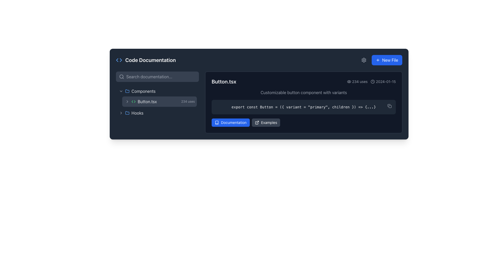  Describe the element at coordinates (127, 102) in the screenshot. I see `the Button located in the sidebar under the 'Components' label, just before the 'Button.tsx' text, to change its background` at that location.